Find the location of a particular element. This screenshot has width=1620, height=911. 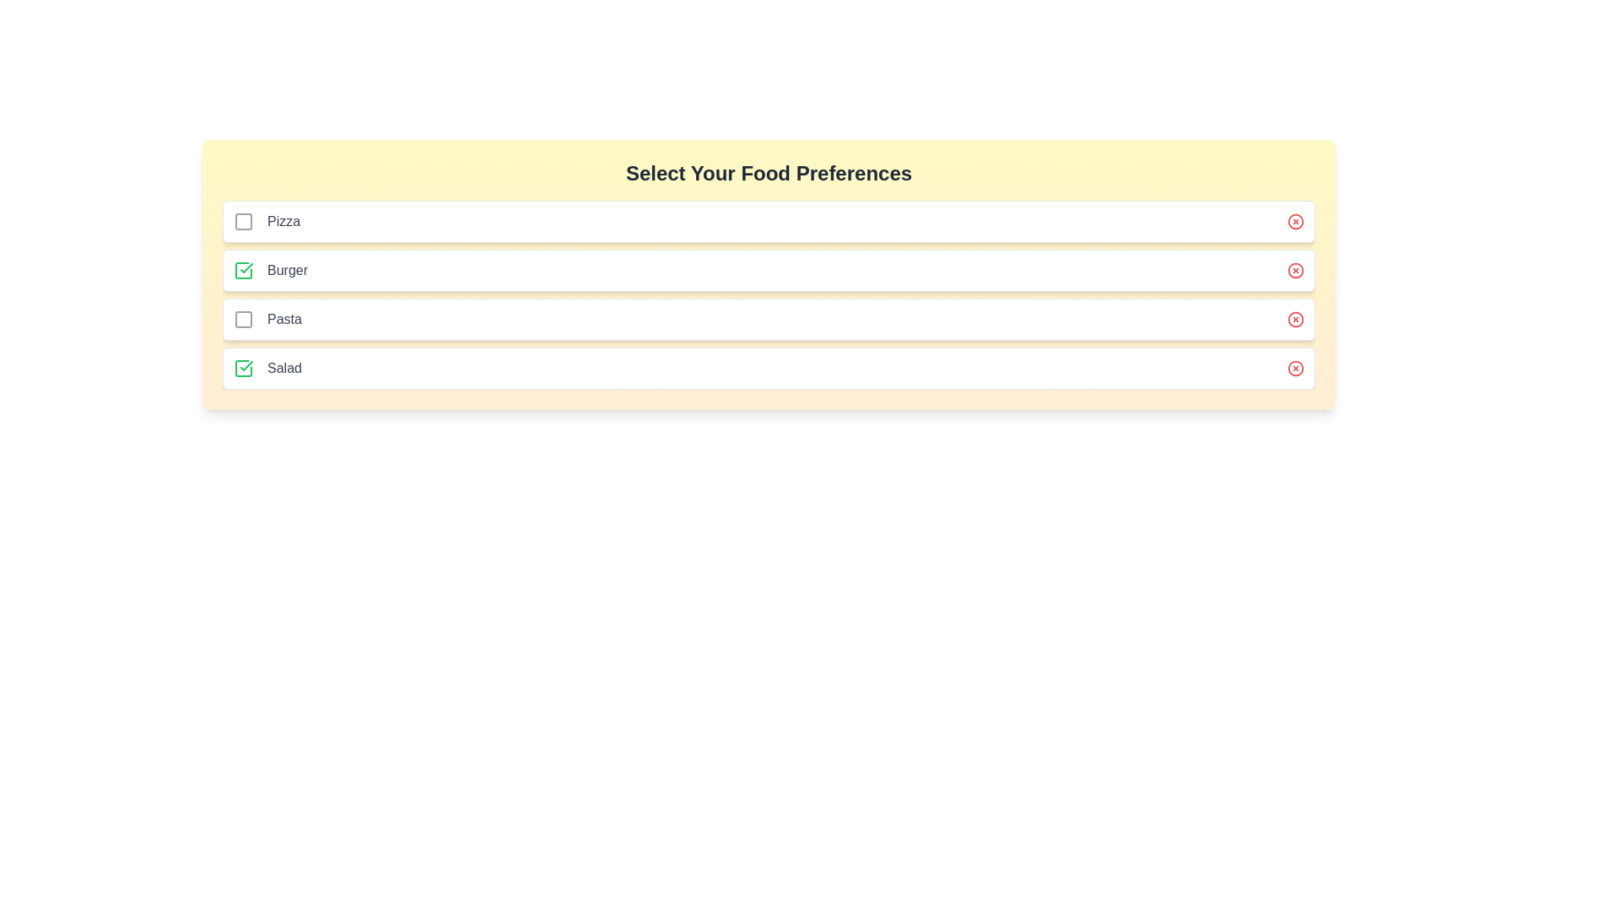

the checkbox indicator representing the 'checked state' for the 'Salad' option in the list of food preferences is located at coordinates (242, 269).